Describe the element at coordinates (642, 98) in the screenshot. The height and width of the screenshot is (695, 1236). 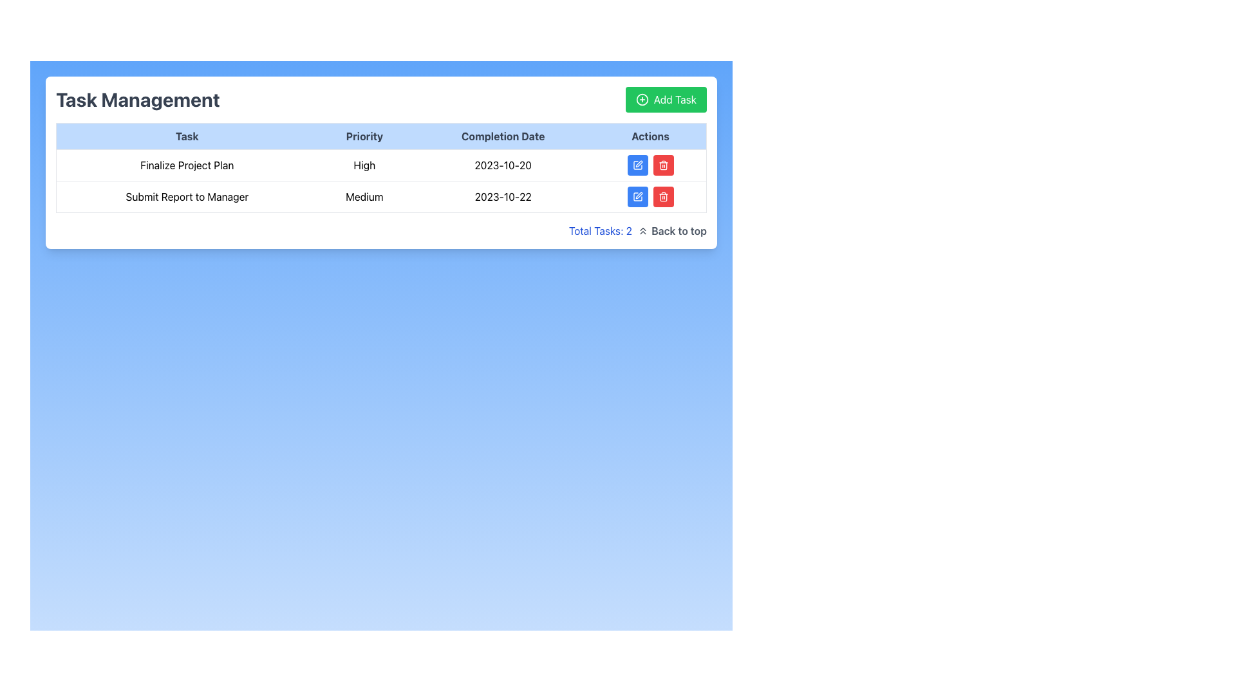
I see `the icon within the 'Add Task' button, which is located near the top-right corner of the interface, adjacent to the task list table` at that location.